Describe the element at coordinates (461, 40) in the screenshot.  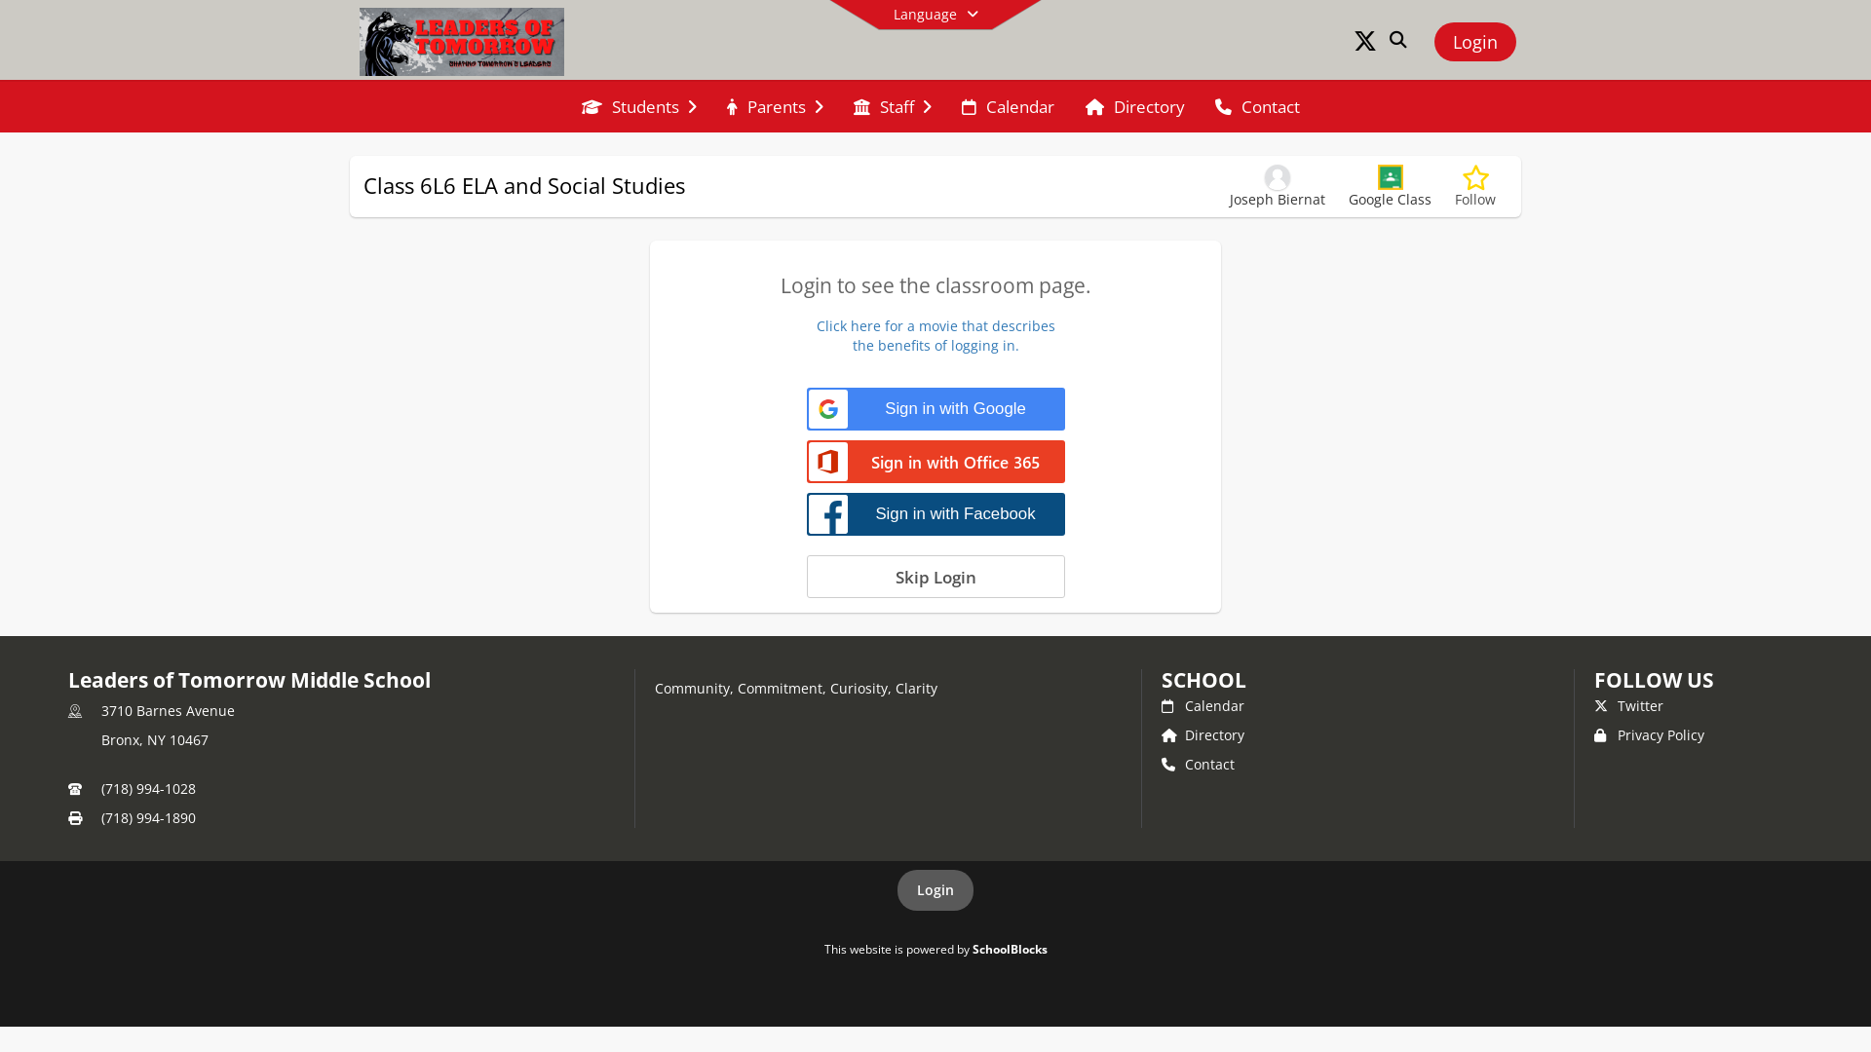
I see `'Leaders of Tomorrow Middle School'` at that location.